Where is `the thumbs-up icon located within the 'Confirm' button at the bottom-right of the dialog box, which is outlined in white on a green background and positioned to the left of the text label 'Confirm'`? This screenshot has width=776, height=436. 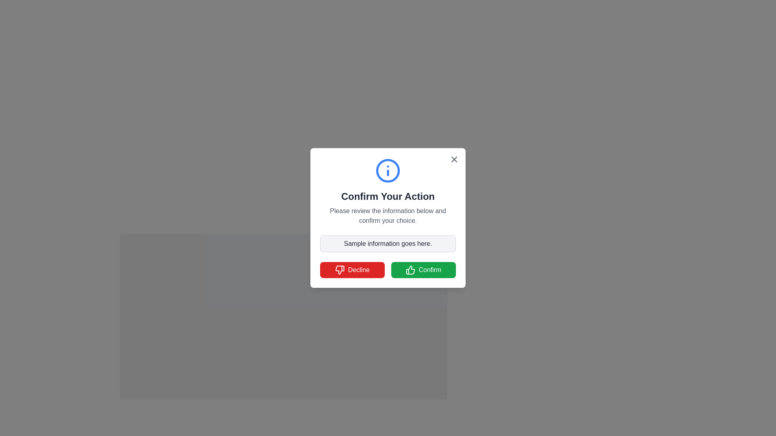 the thumbs-up icon located within the 'Confirm' button at the bottom-right of the dialog box, which is outlined in white on a green background and positioned to the left of the text label 'Confirm' is located at coordinates (411, 270).